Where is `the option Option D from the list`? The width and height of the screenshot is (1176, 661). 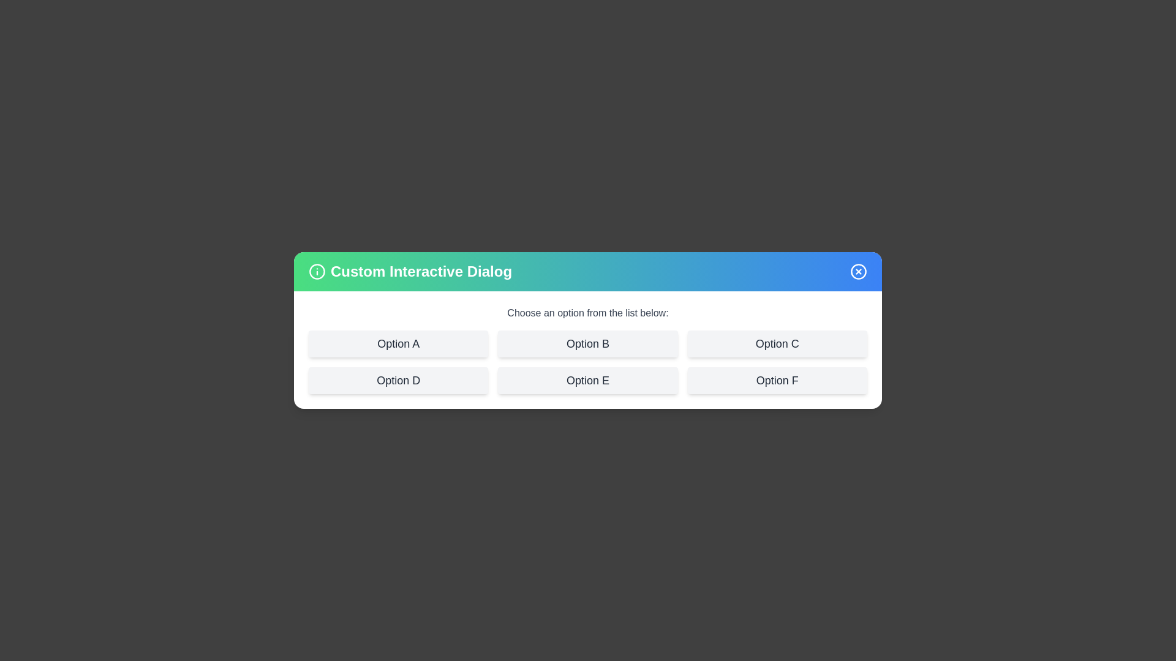 the option Option D from the list is located at coordinates (398, 379).